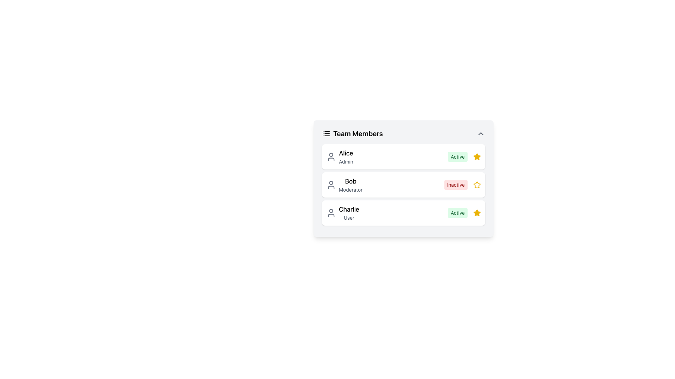 The height and width of the screenshot is (379, 675). What do you see at coordinates (344, 185) in the screenshot?
I see `text from the Label with an icon representing team member Bob, who is a Moderator, located in the 'Team Members' section beneath Alice Admin and above Charlie User` at bounding box center [344, 185].